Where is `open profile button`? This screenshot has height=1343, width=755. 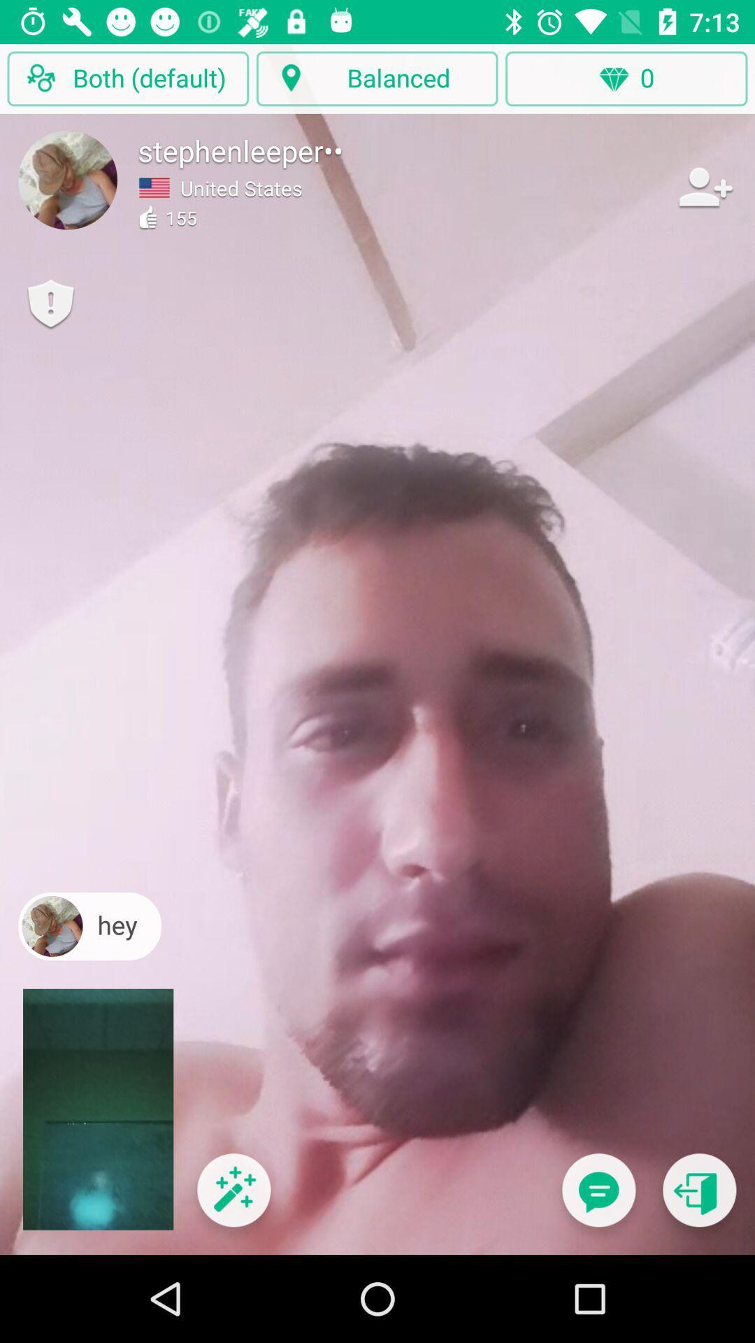 open profile button is located at coordinates (68, 179).